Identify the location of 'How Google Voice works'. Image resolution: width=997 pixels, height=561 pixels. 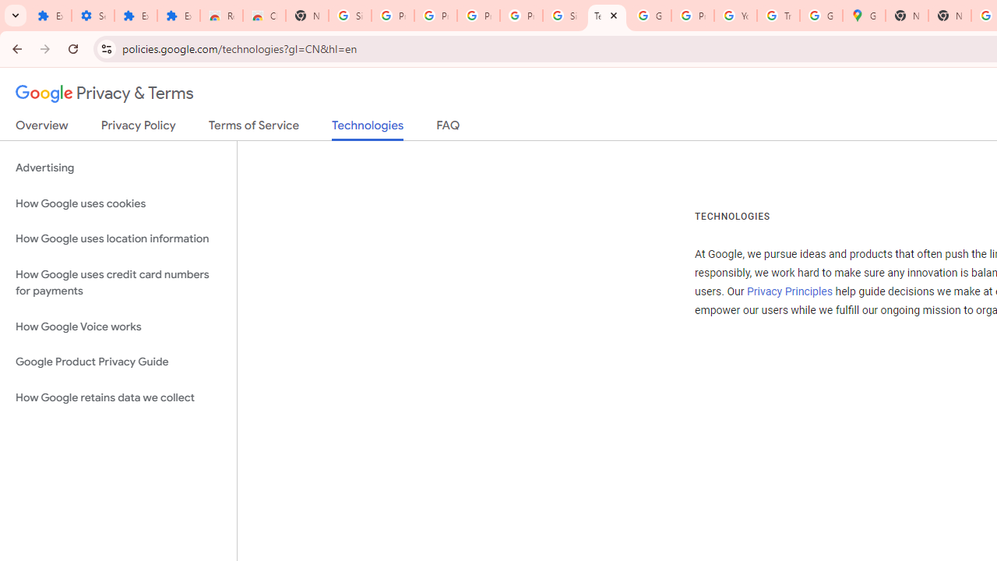
(118, 326).